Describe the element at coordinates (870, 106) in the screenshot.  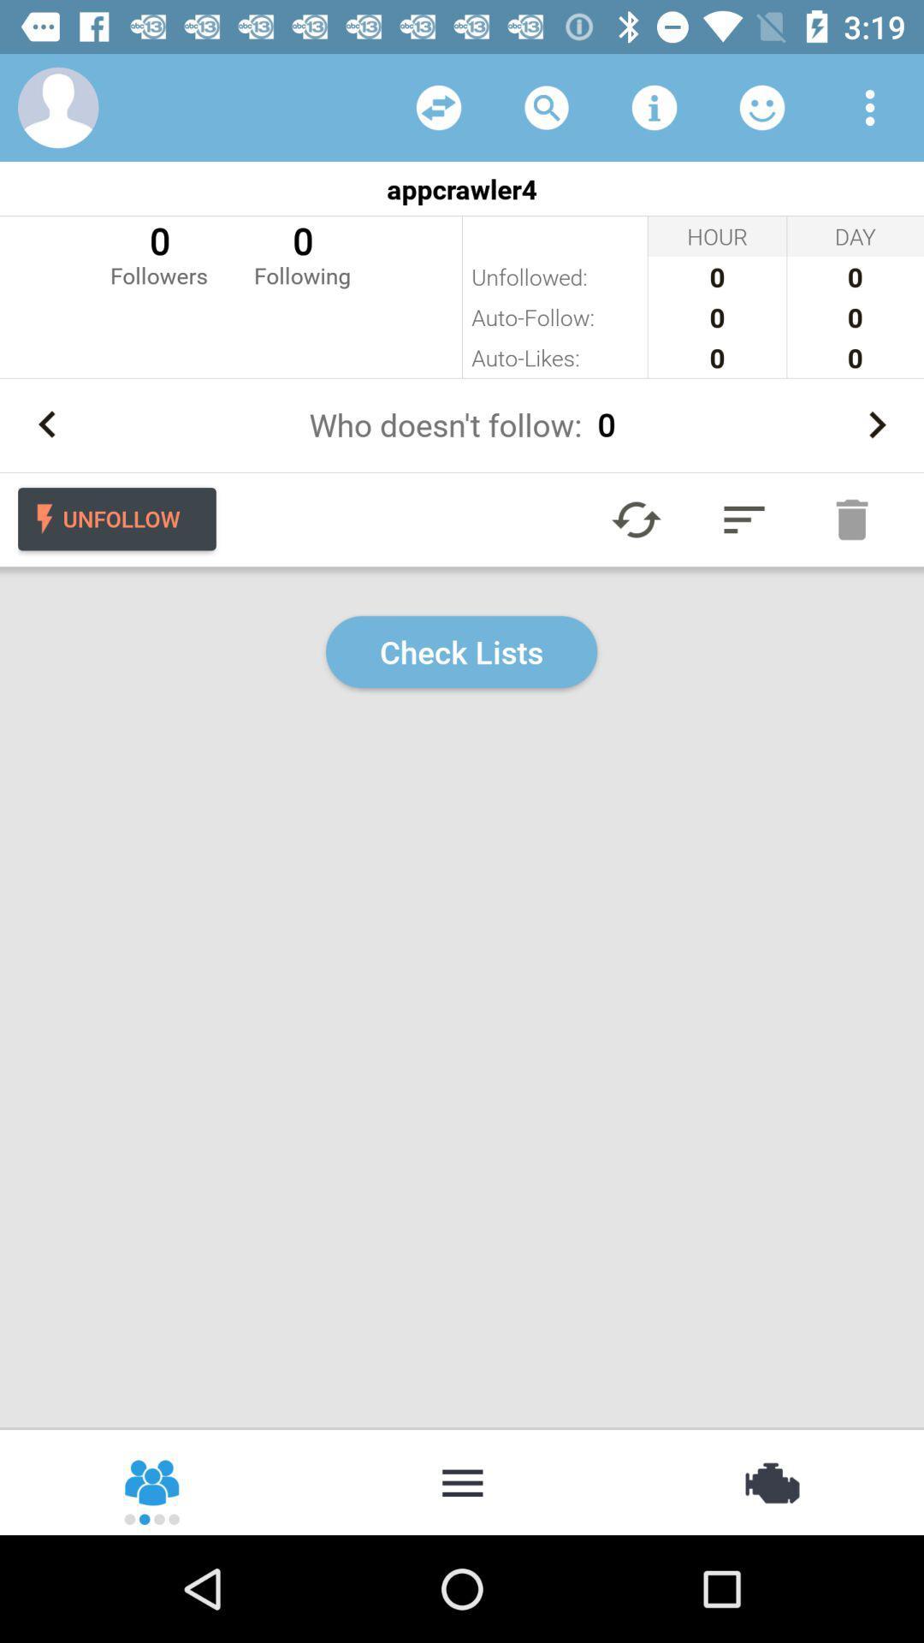
I see `open menu` at that location.